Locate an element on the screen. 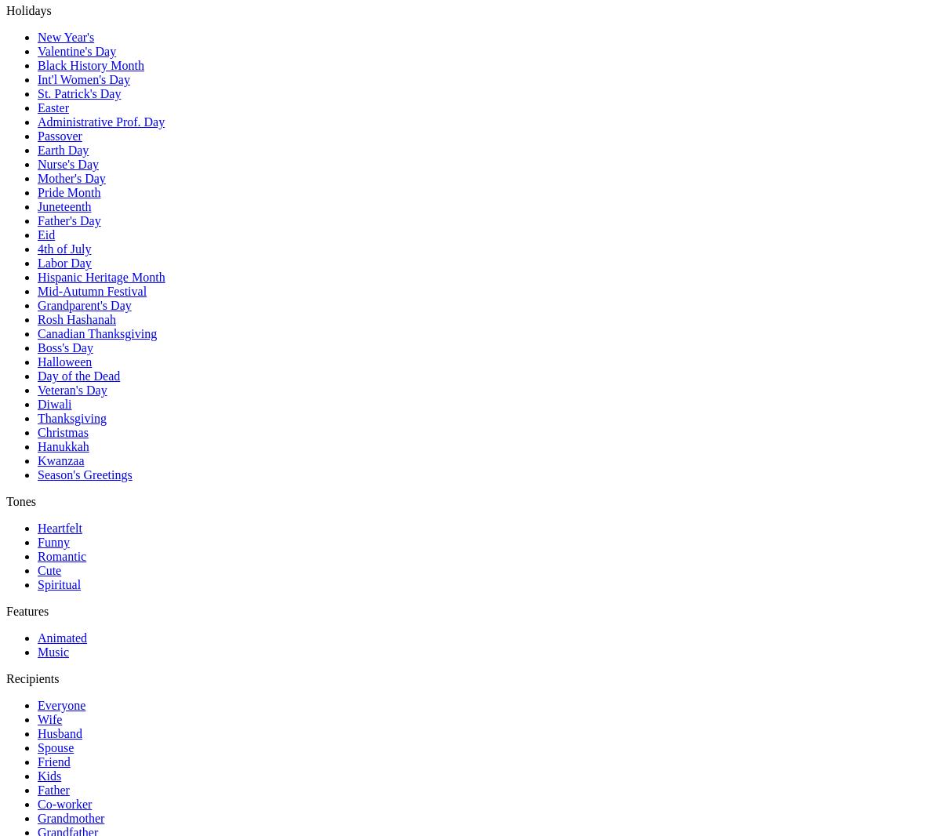 The width and height of the screenshot is (941, 836). 'New Year's' is located at coordinates (66, 36).